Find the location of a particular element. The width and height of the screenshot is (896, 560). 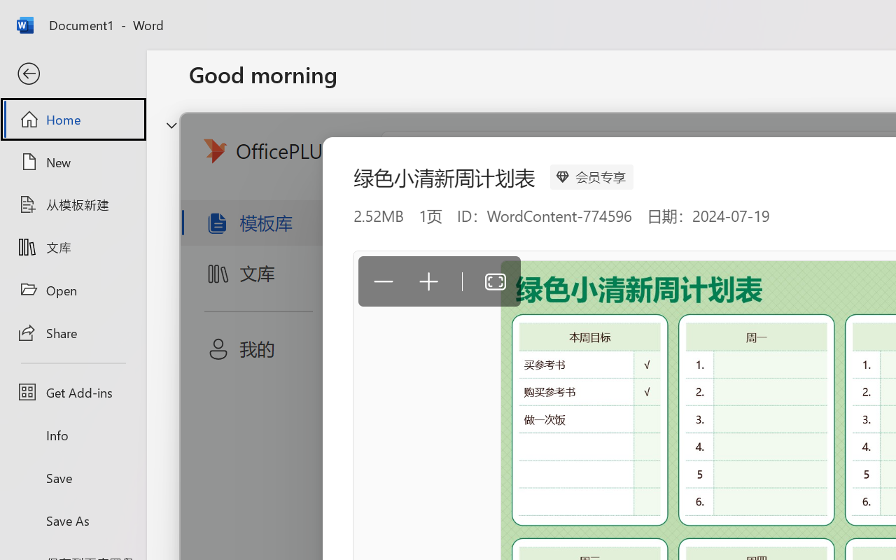

'Info' is located at coordinates (72, 435).